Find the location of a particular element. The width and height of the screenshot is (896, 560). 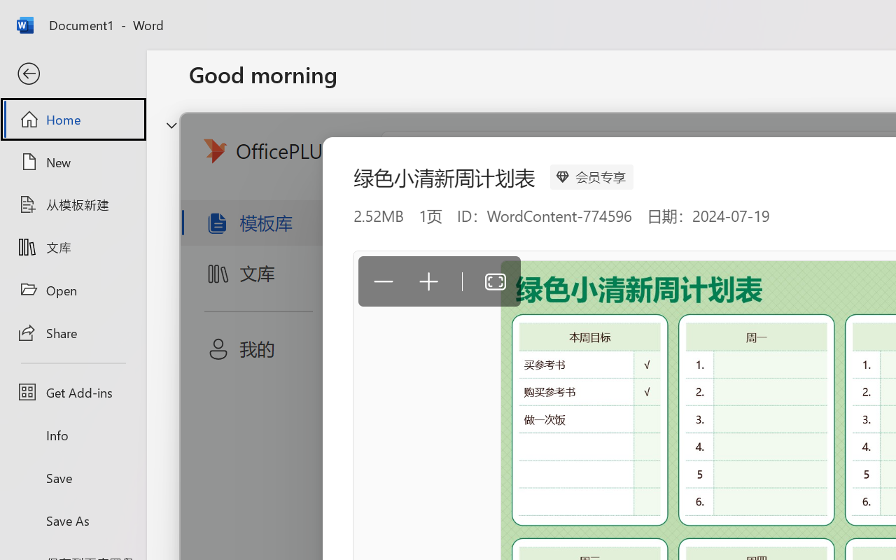

'Info' is located at coordinates (72, 435).